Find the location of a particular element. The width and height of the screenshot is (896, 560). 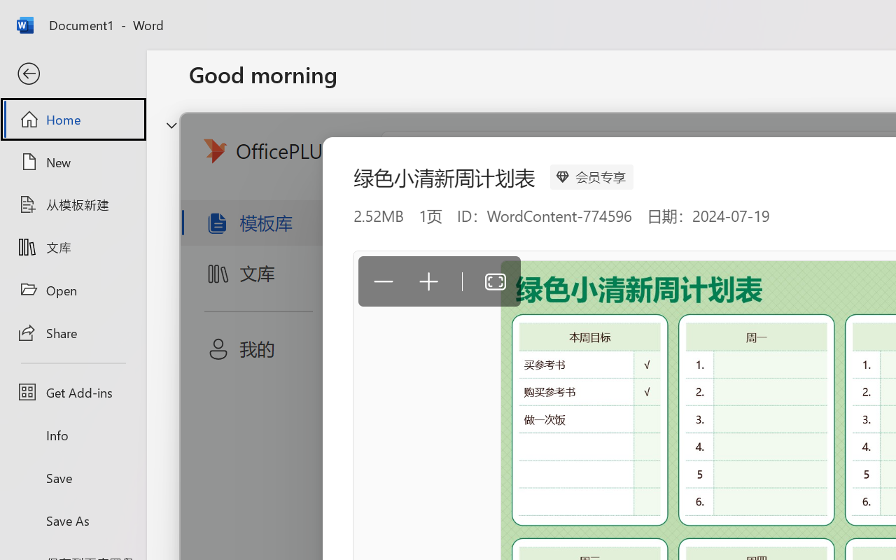

'Info' is located at coordinates (72, 435).